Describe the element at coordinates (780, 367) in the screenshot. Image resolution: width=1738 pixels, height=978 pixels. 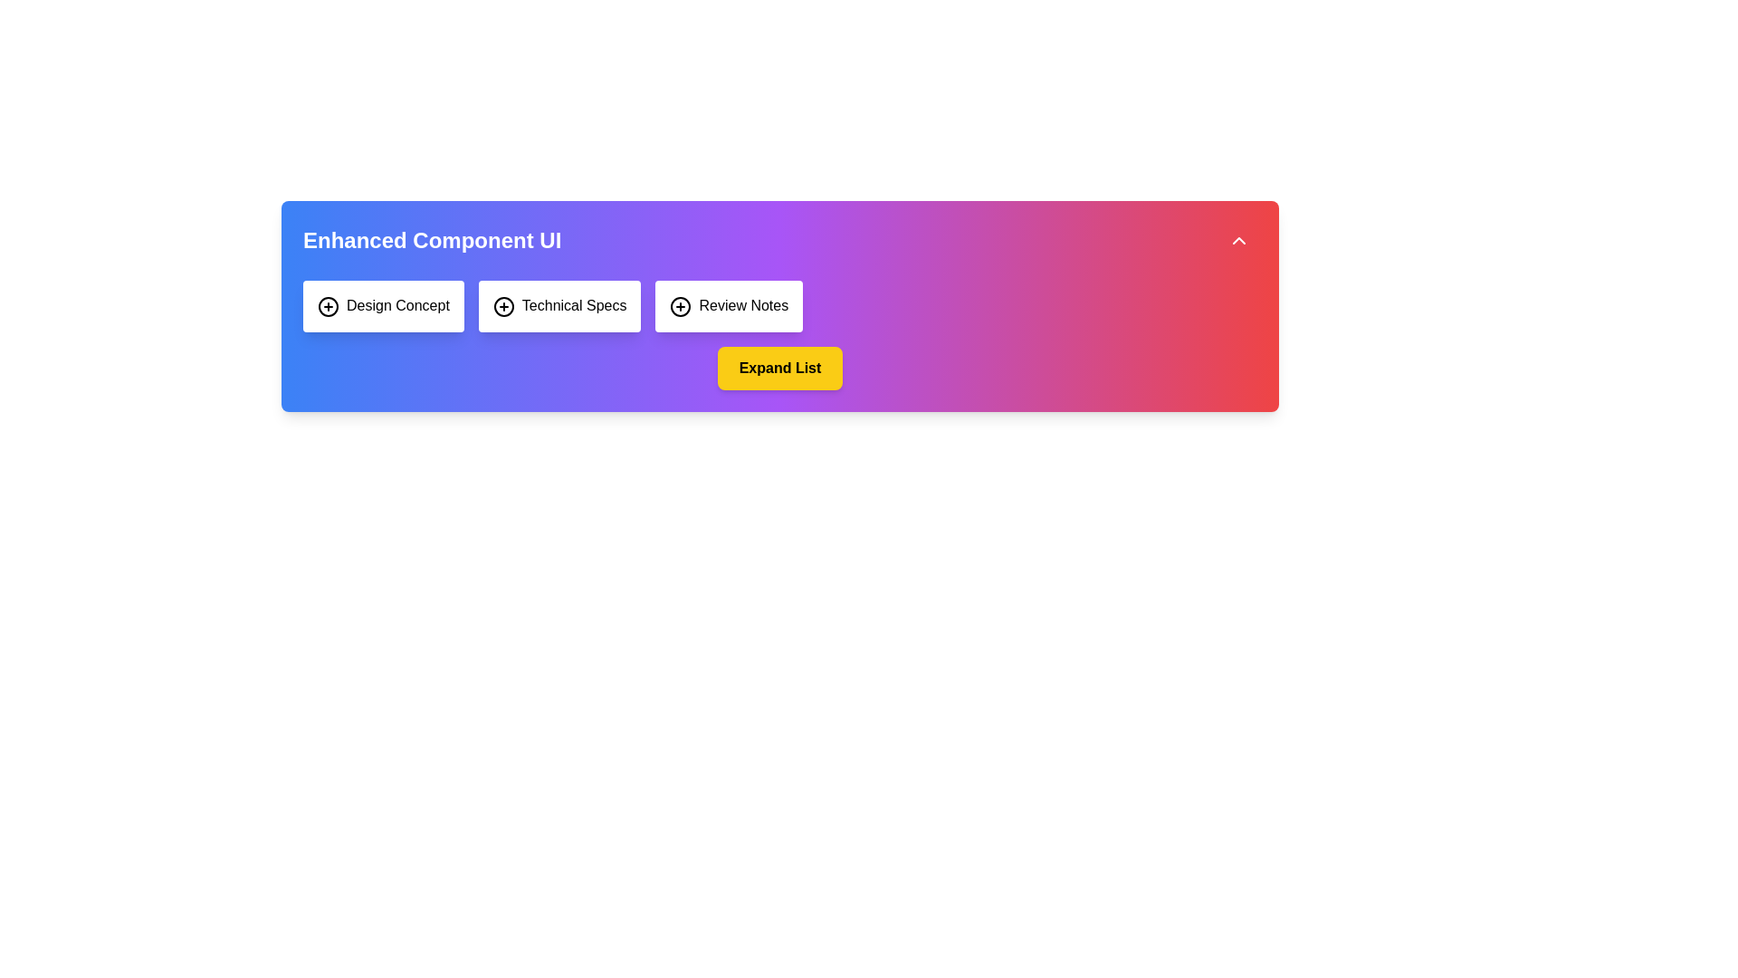
I see `the yellow button that expands a list, located below the 'Design Concept,' 'Technical Specs,' and 'Review Notes' buttons` at that location.